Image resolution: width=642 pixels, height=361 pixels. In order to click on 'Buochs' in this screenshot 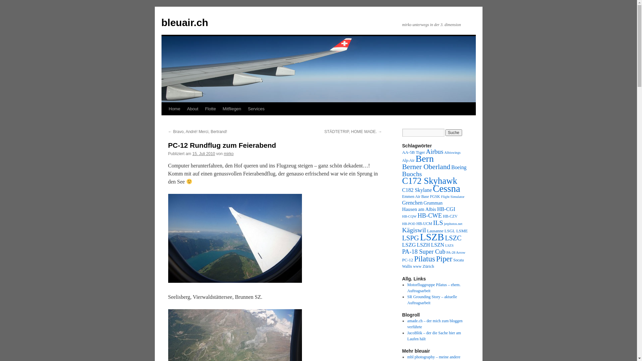, I will do `click(411, 173)`.